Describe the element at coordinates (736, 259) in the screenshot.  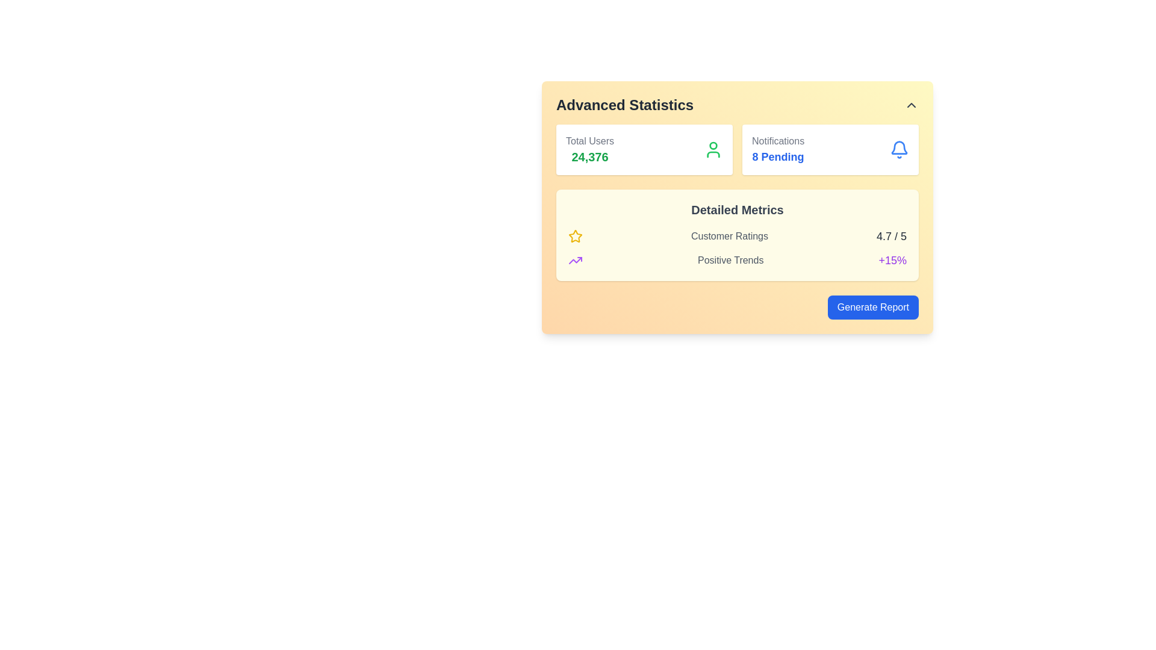
I see `displayed information from the informational text block located below the 'Customer Ratings' section in the 'Detailed Metrics' area, conveying a positive growth metric` at that location.